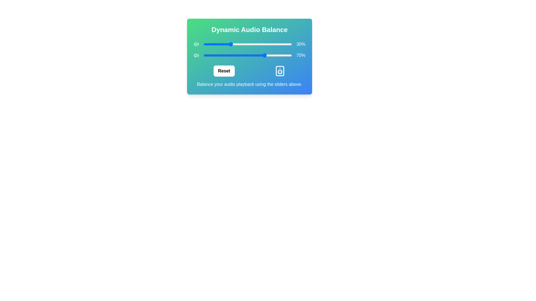 The width and height of the screenshot is (536, 301). Describe the element at coordinates (224, 71) in the screenshot. I see `the white rectangular 'Reset' button with rounded edges located in the lower middle section of the interface to reset settings` at that location.